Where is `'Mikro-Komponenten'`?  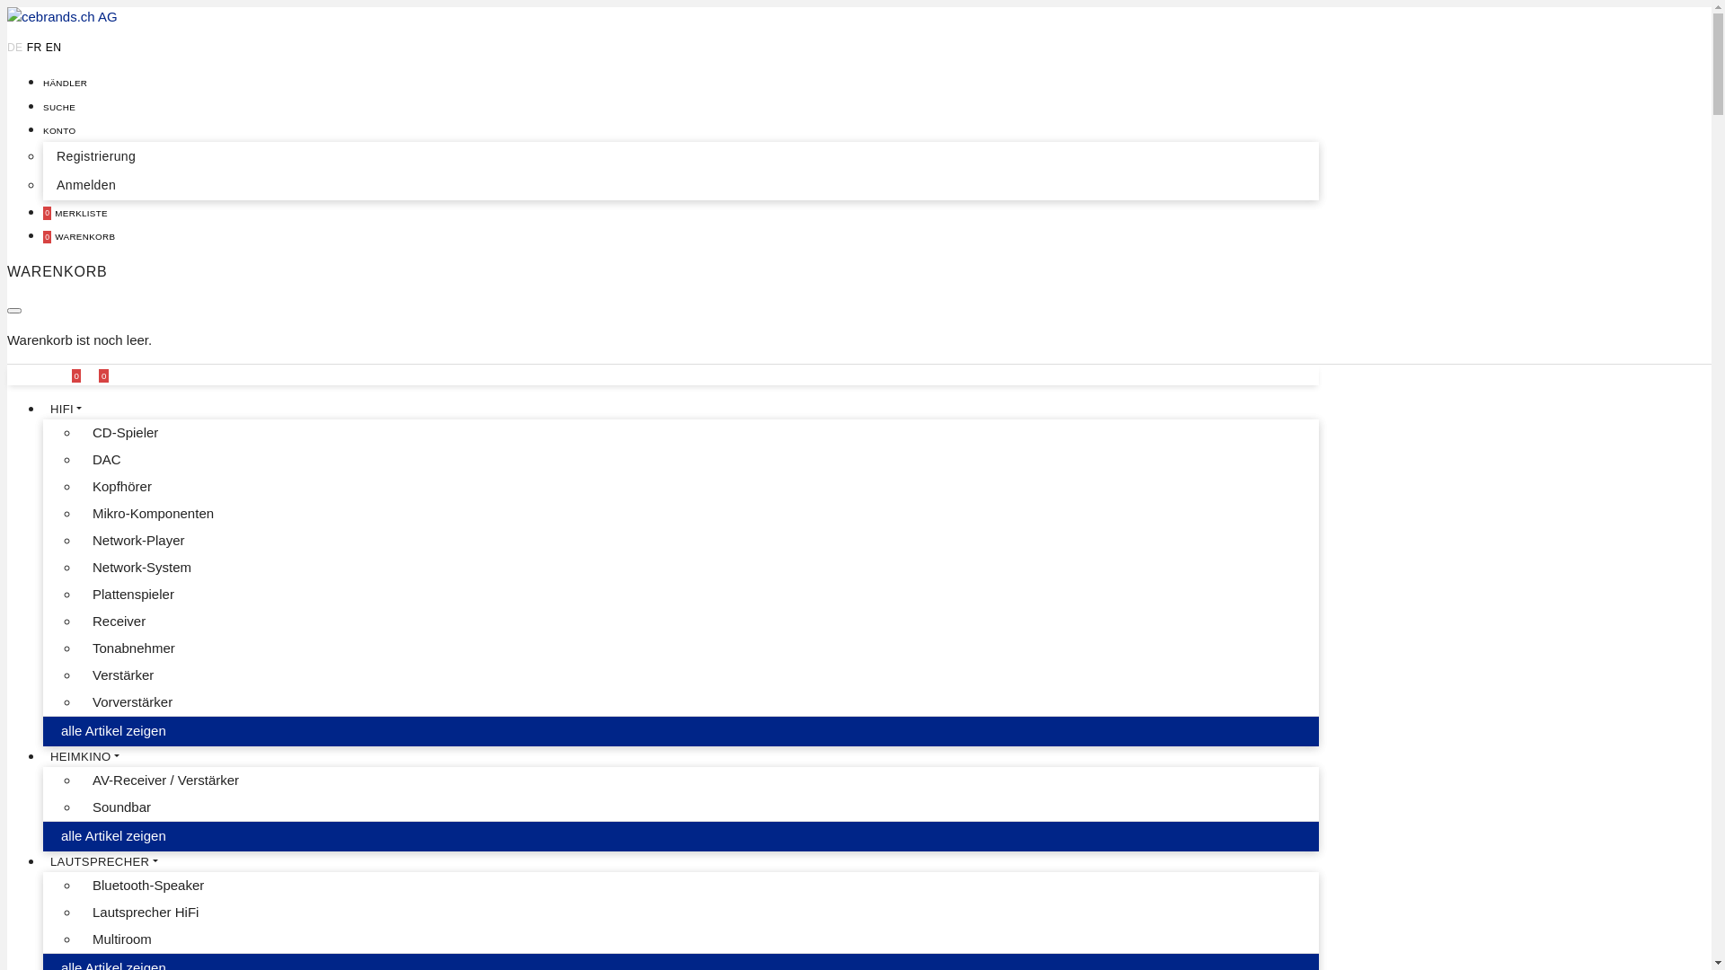
'Mikro-Komponenten' is located at coordinates (181, 513).